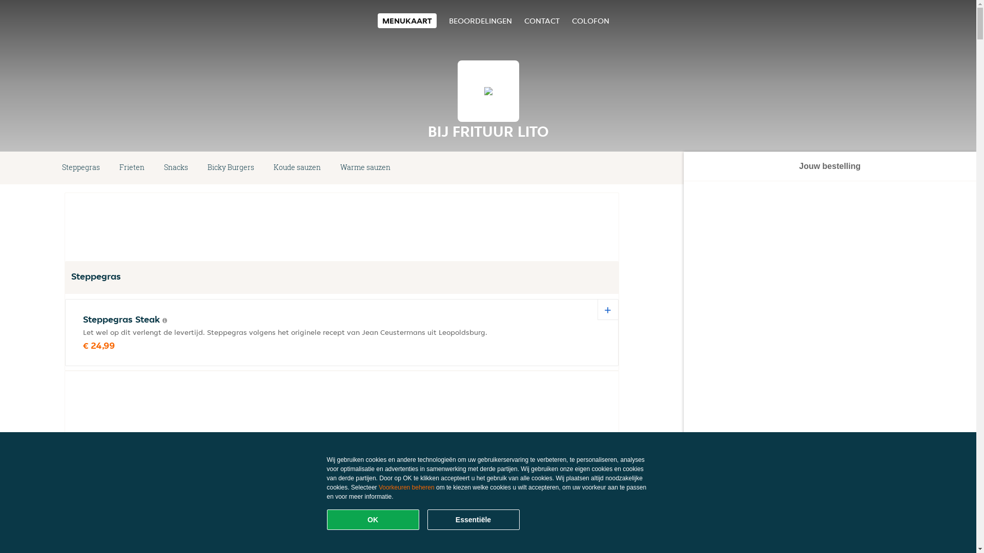 This screenshot has width=984, height=553. I want to click on 'Koude sauzen', so click(297, 167).